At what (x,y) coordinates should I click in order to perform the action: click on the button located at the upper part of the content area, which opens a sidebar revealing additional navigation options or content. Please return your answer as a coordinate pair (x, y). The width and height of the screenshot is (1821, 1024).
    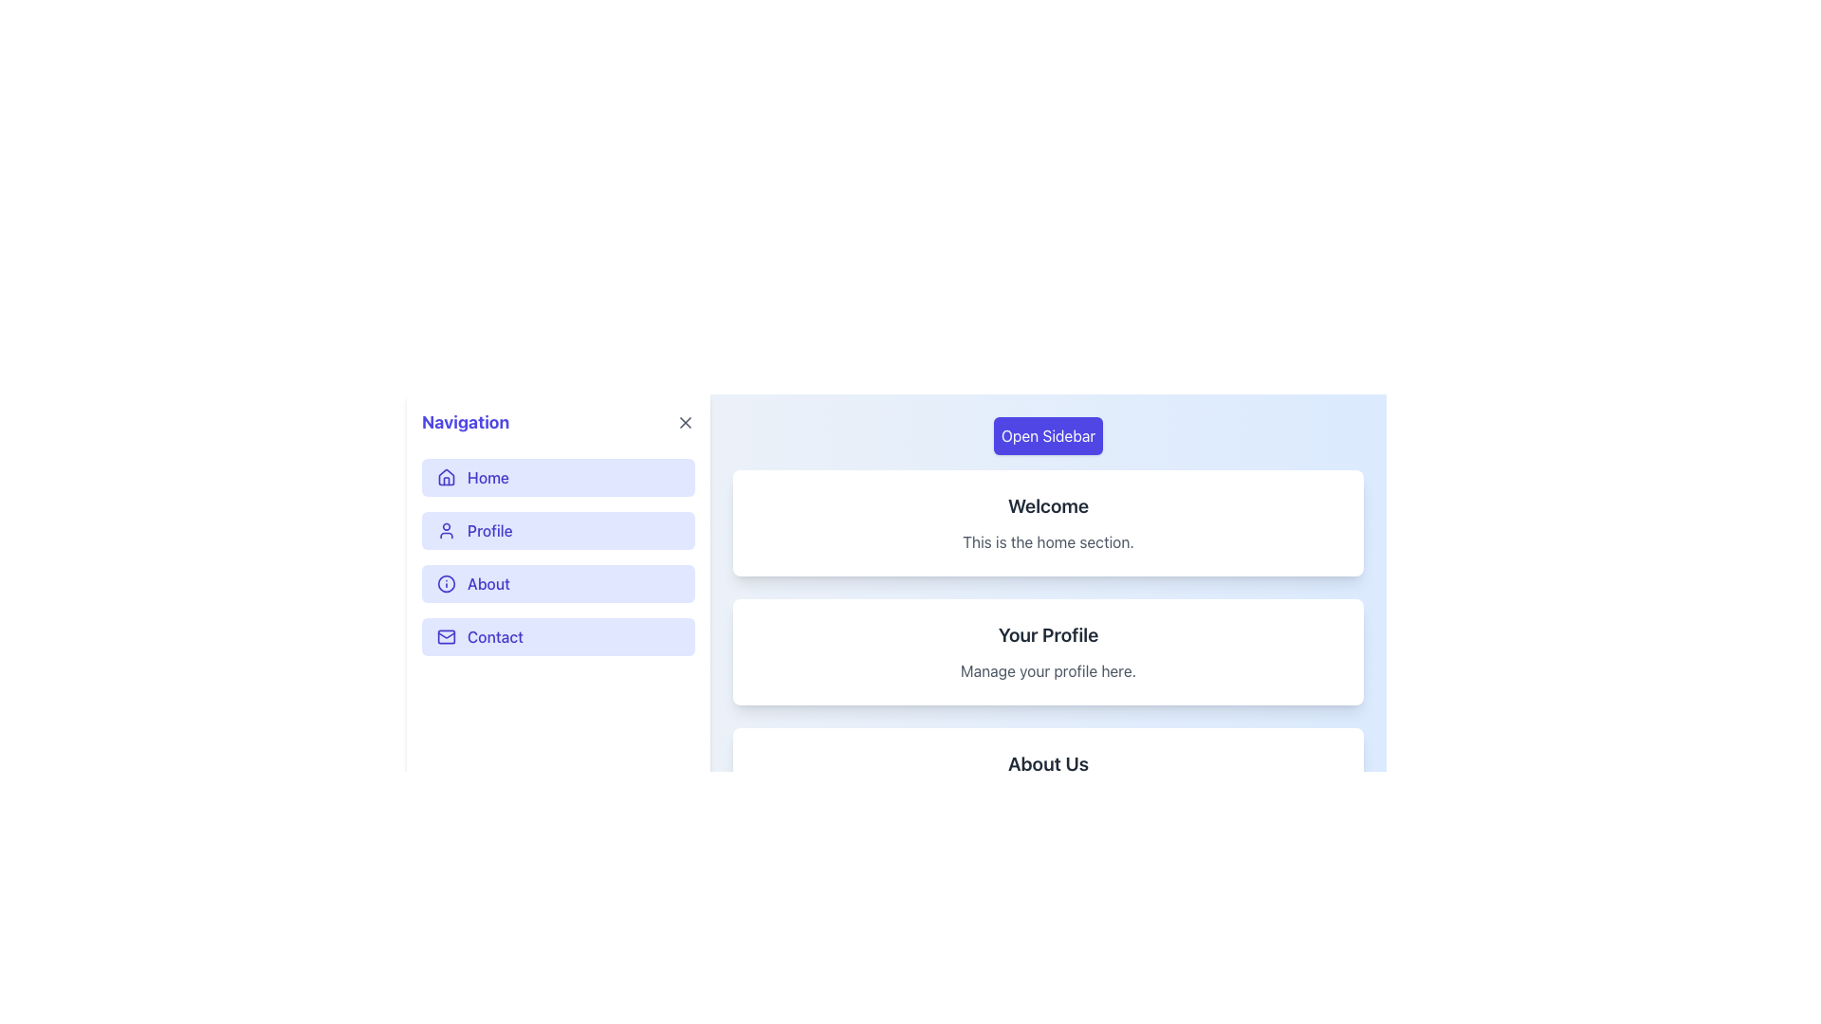
    Looking at the image, I should click on (1047, 435).